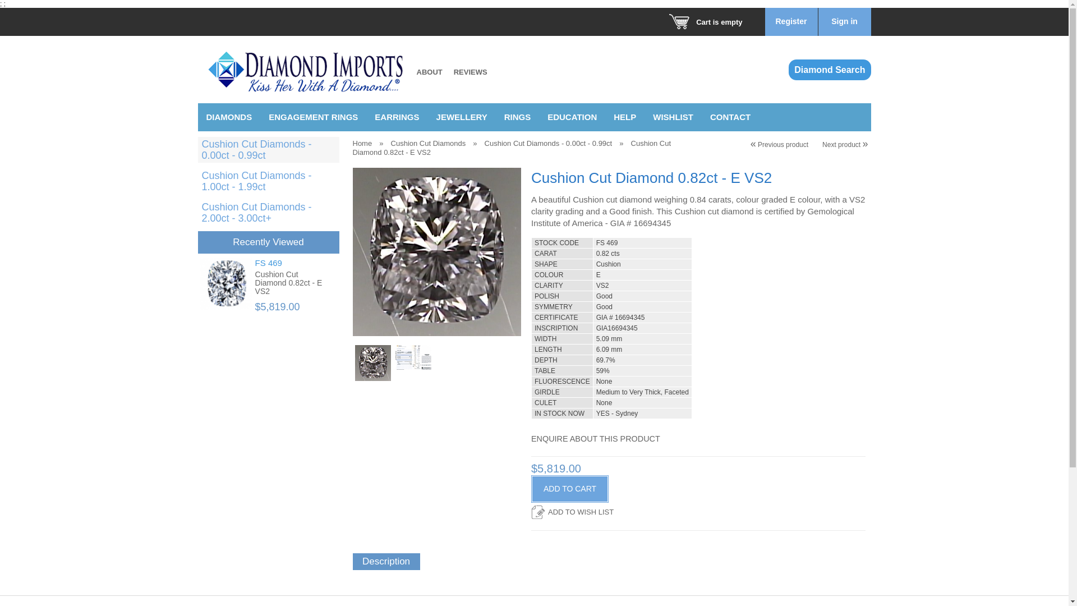  What do you see at coordinates (570, 488) in the screenshot?
I see `'ADD TO CART'` at bounding box center [570, 488].